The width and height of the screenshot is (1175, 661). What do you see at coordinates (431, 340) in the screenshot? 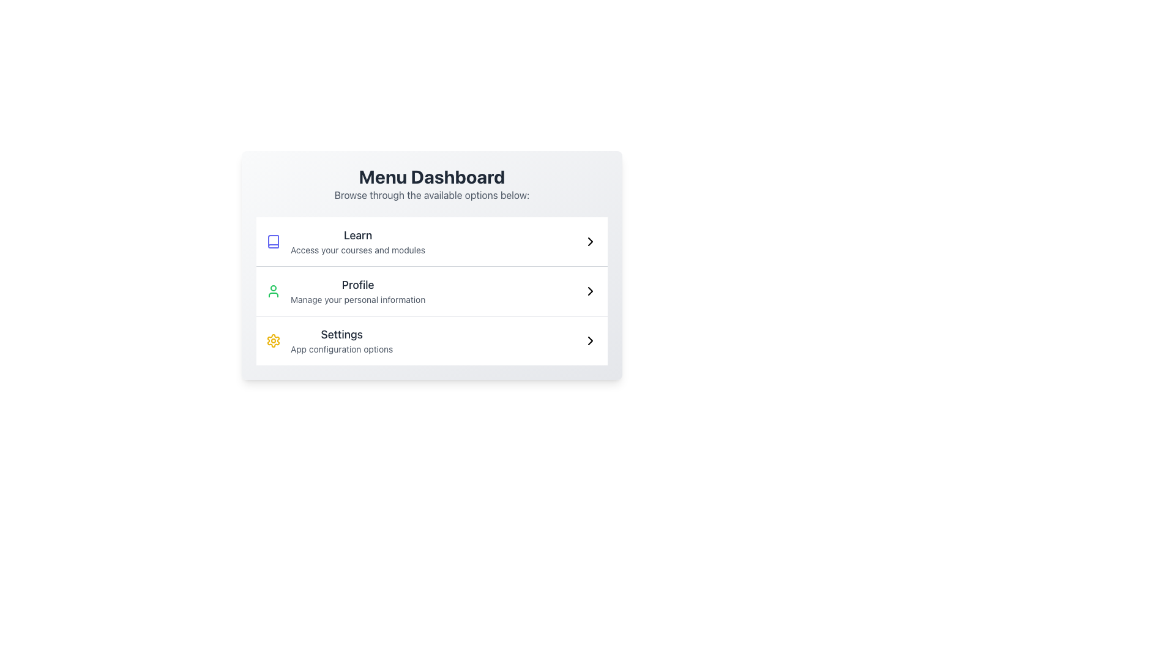
I see `the 'Settings' card item, which is the third item in a vertical list` at bounding box center [431, 340].